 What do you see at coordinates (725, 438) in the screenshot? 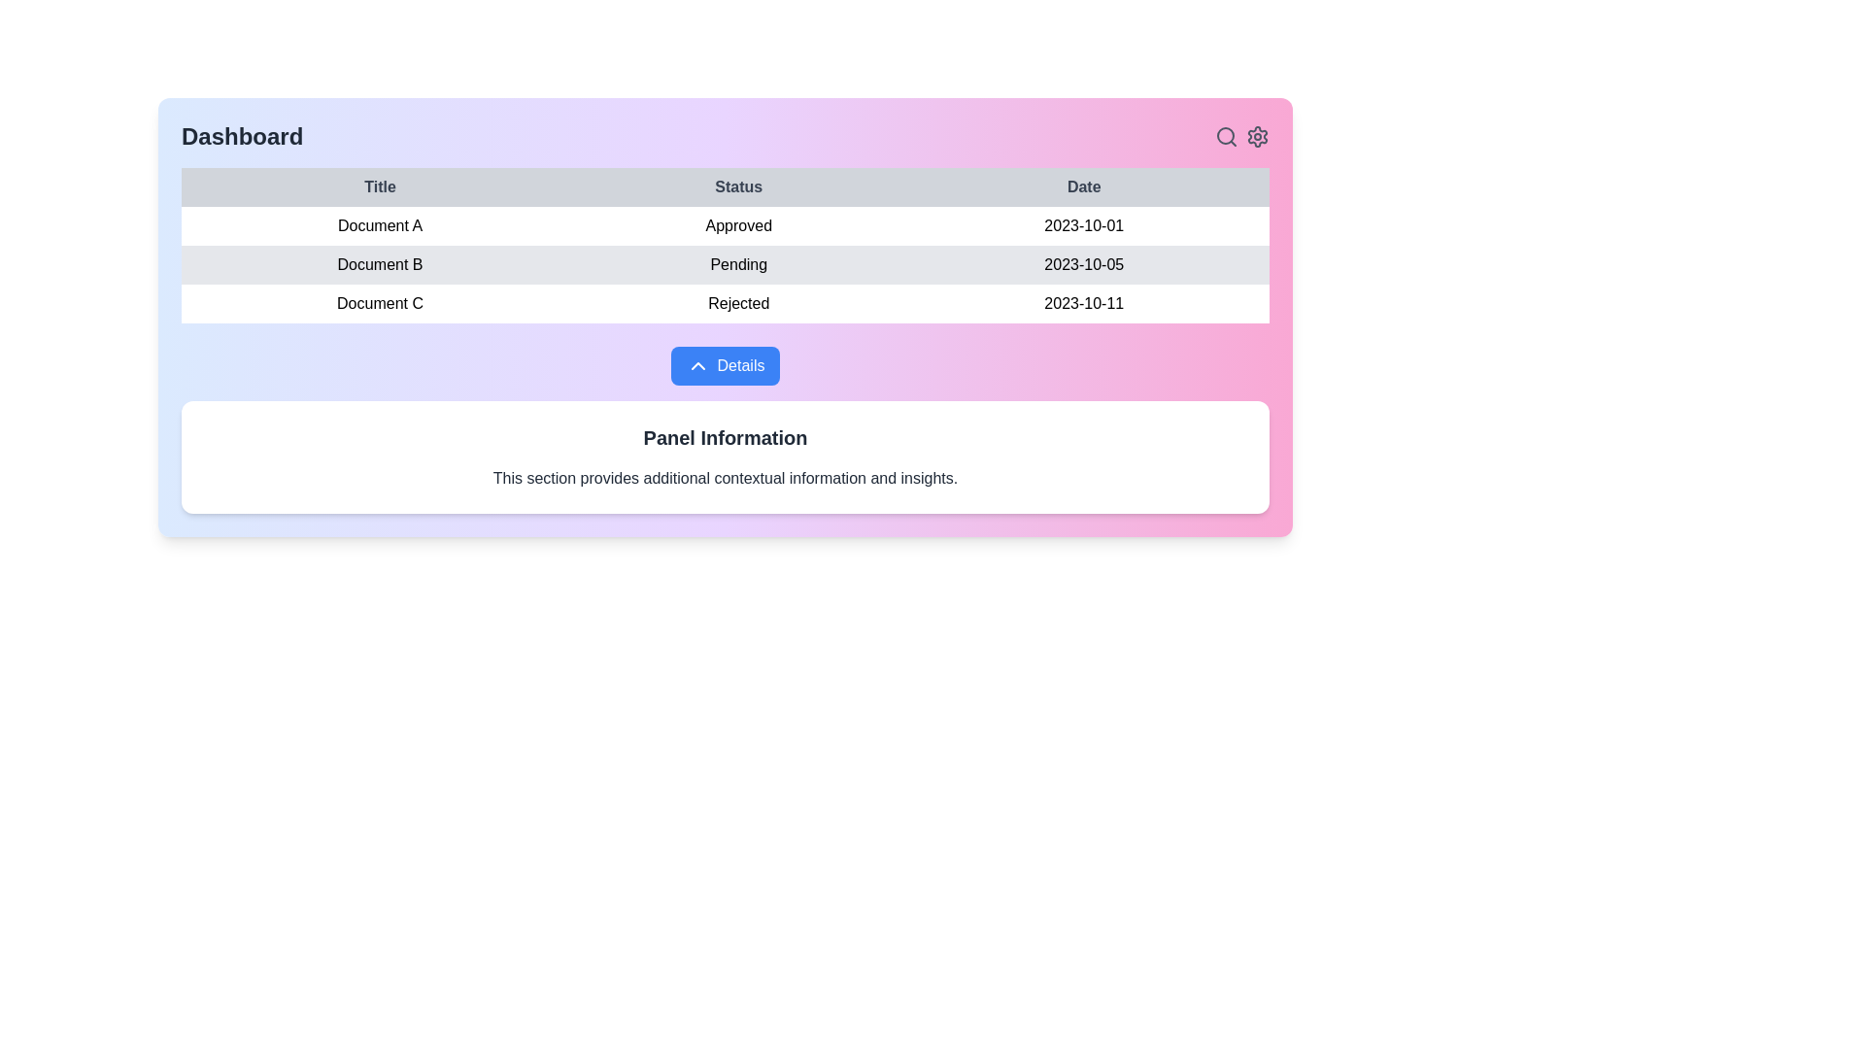
I see `the 'Panel Information' text header` at bounding box center [725, 438].